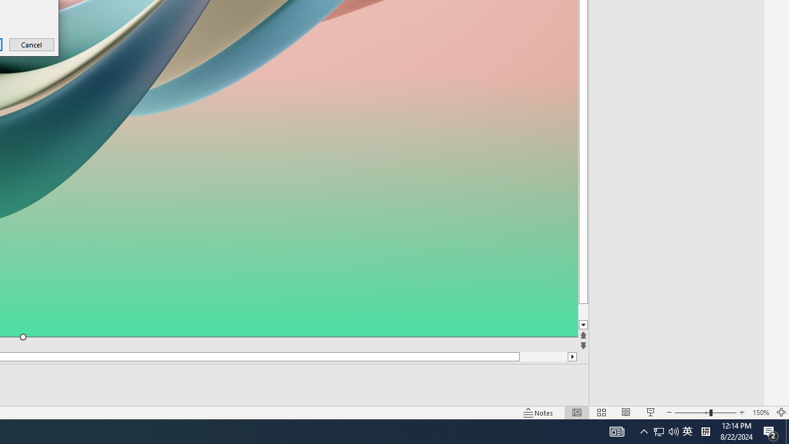  I want to click on 'Action Center, 2 new notifications', so click(771, 430).